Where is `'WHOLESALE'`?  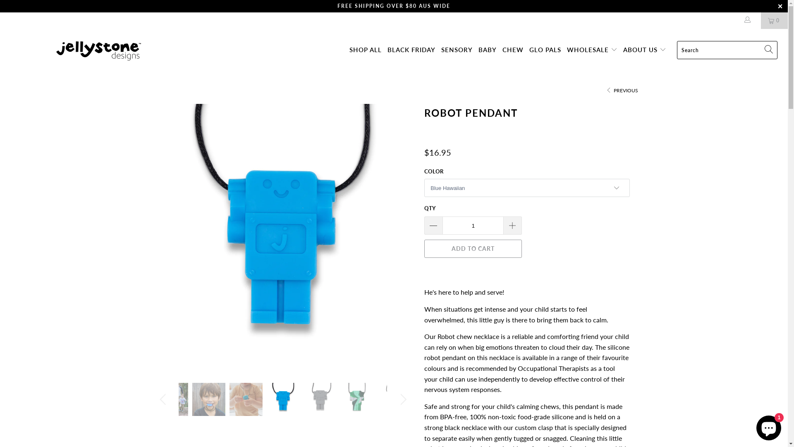 'WHOLESALE' is located at coordinates (567, 50).